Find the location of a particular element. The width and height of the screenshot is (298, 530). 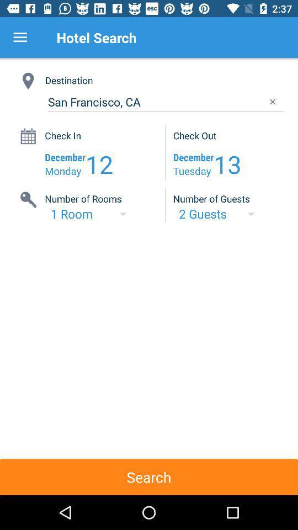

item next to hotel search icon is located at coordinates (20, 38).